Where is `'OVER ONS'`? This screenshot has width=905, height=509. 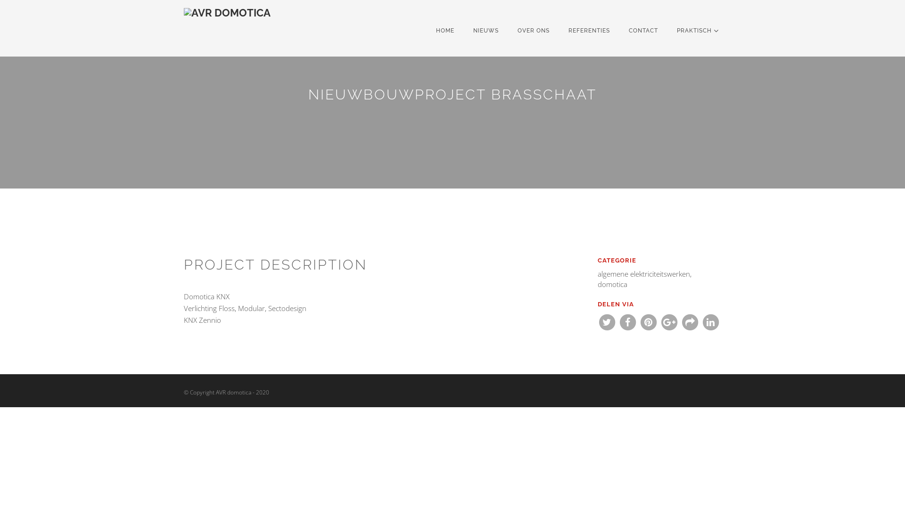
'OVER ONS' is located at coordinates (534, 30).